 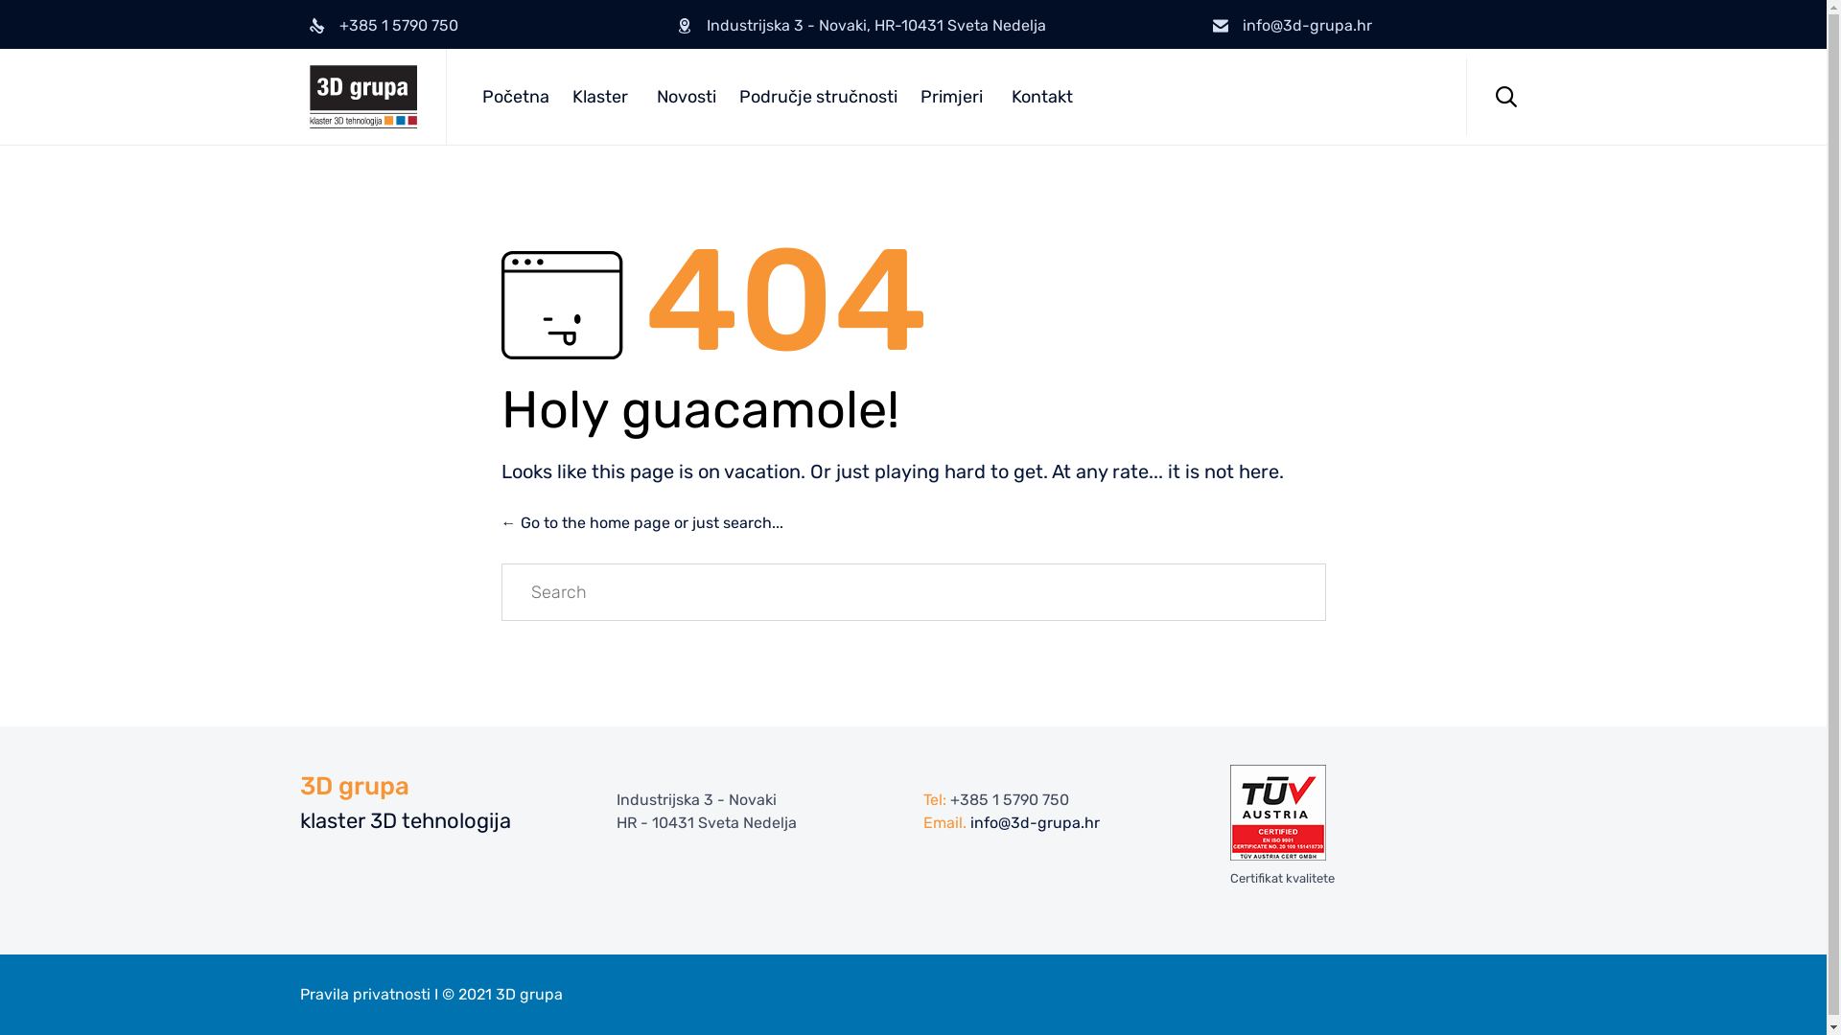 I want to click on 'Kontakt', so click(x=1039, y=96).